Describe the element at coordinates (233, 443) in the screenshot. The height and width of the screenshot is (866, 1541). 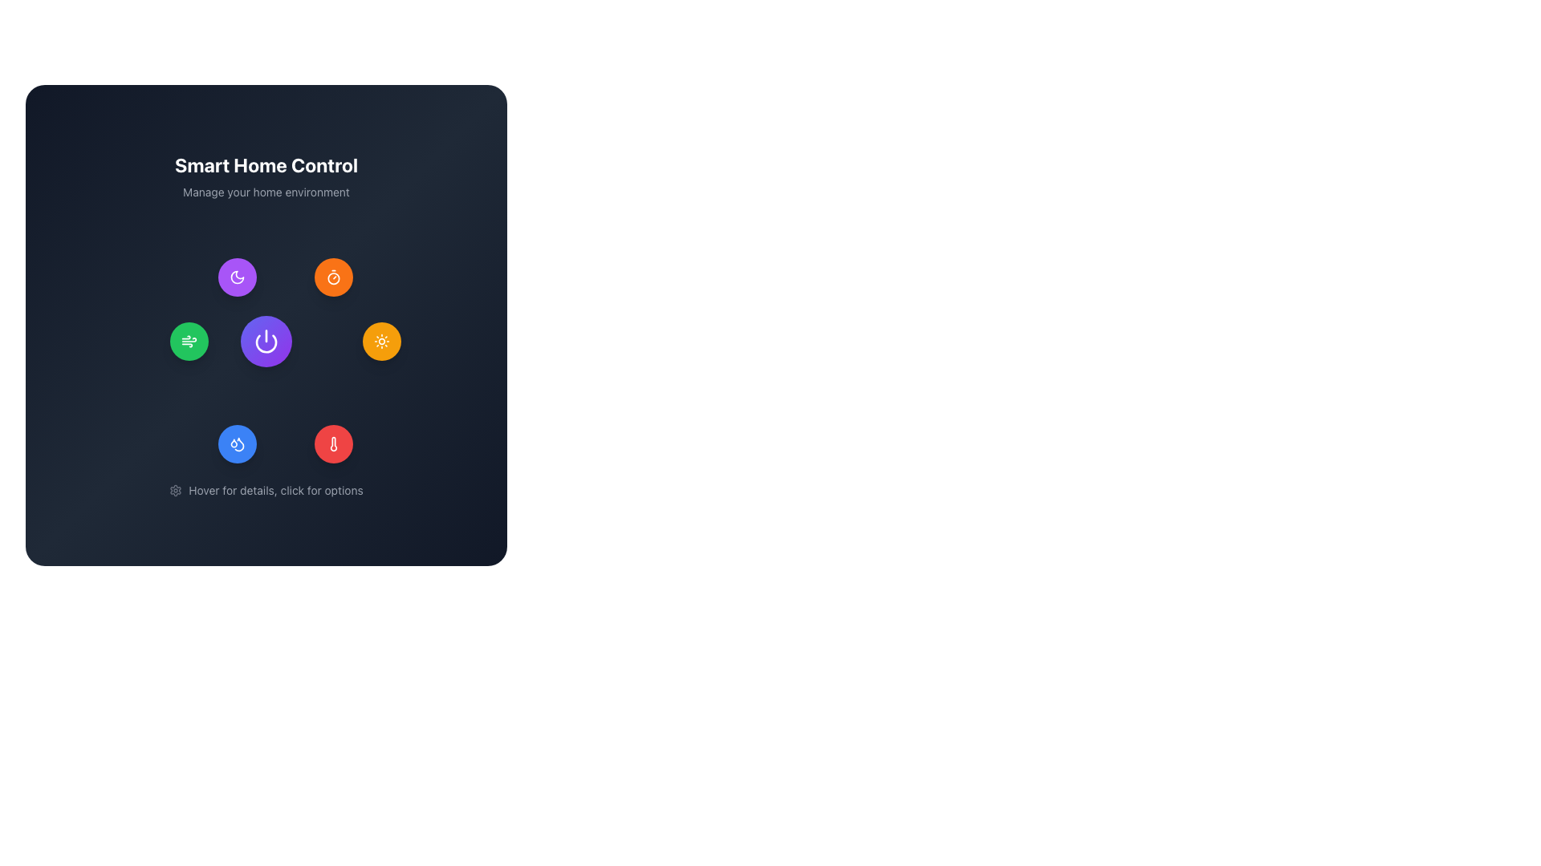
I see `the raindrop-shaped icon located below the central power button in the smart home control interface` at that location.